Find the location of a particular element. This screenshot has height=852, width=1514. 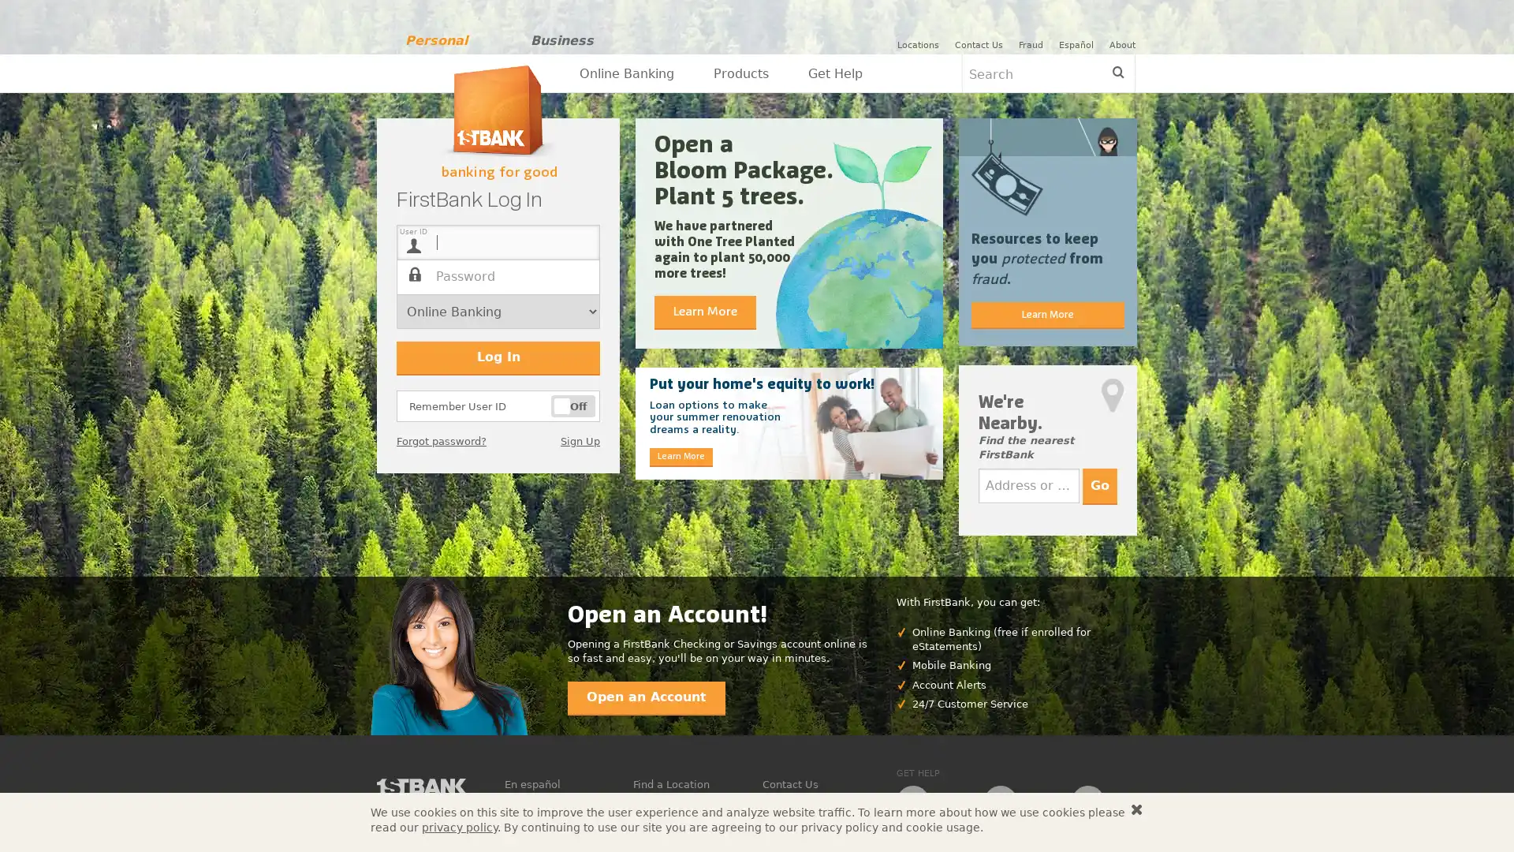

Log Out is located at coordinates (1161, 44).